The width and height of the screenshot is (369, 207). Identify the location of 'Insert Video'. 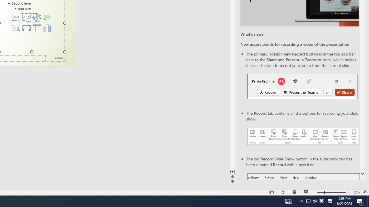
(26, 28).